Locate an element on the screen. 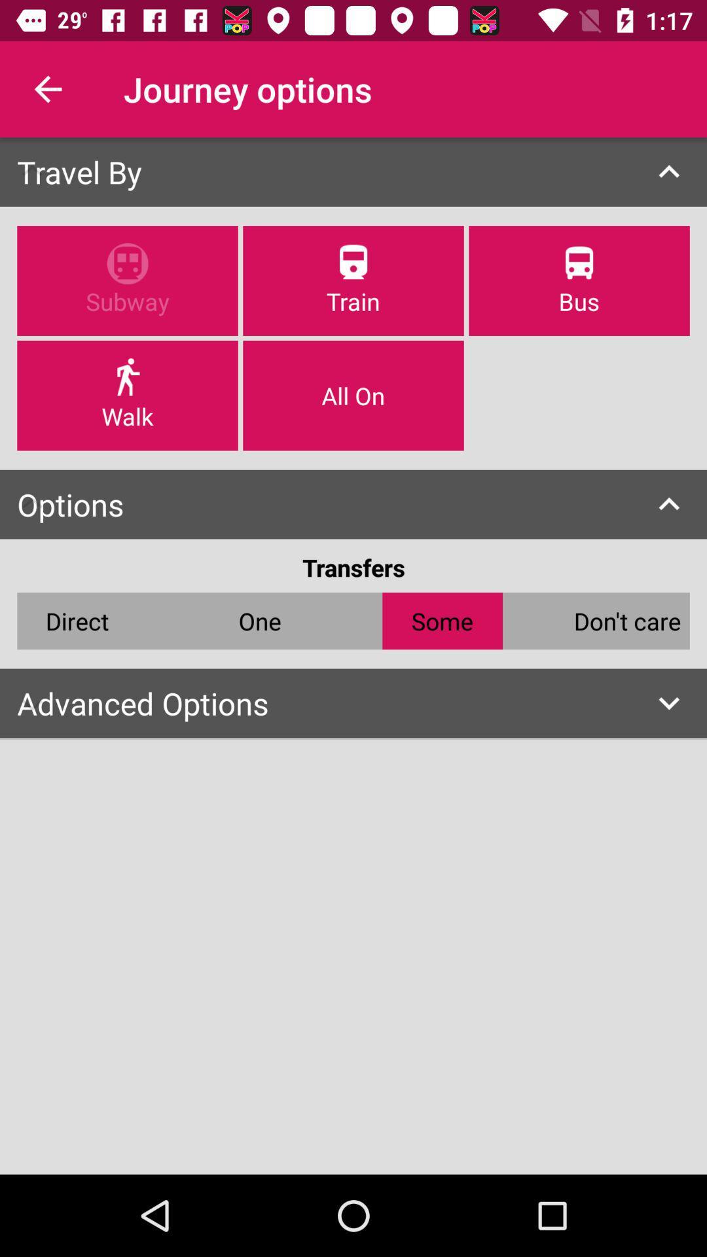 This screenshot has height=1257, width=707. the item above the advanced options icon is located at coordinates (626, 620).